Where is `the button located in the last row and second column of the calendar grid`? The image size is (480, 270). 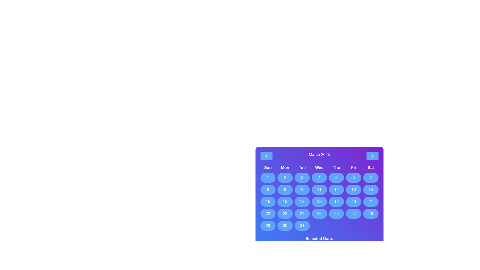 the button located in the last row and second column of the calendar grid is located at coordinates (285, 225).